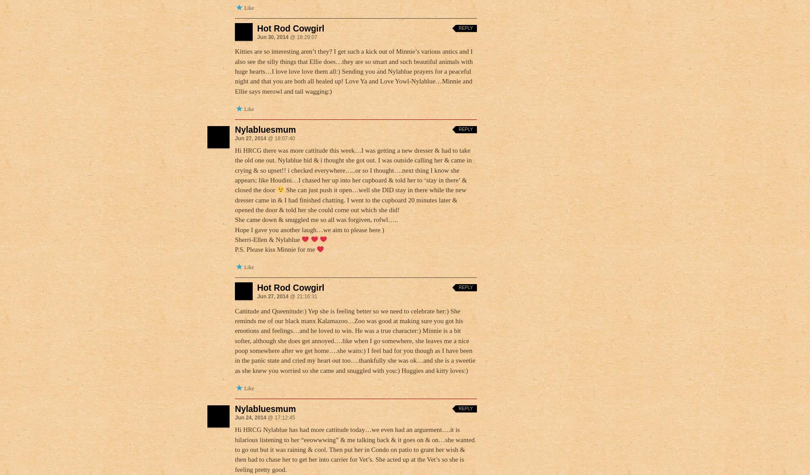 This screenshot has width=810, height=475. What do you see at coordinates (267, 238) in the screenshot?
I see `'Sherri-Ellen & Nylablue'` at bounding box center [267, 238].